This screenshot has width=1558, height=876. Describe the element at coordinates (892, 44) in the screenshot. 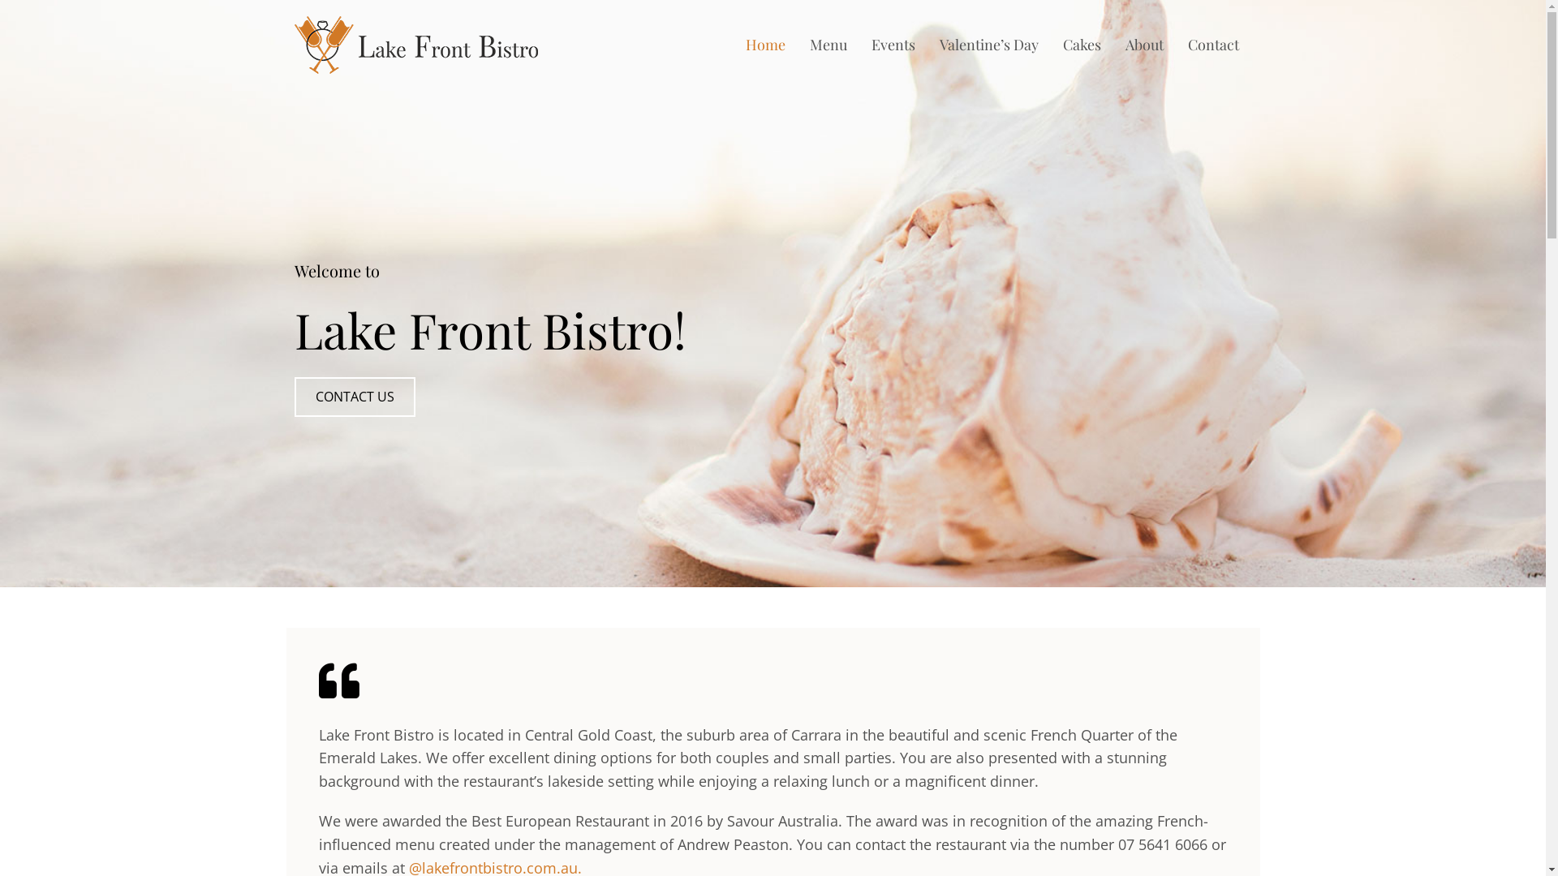

I see `'Events'` at that location.